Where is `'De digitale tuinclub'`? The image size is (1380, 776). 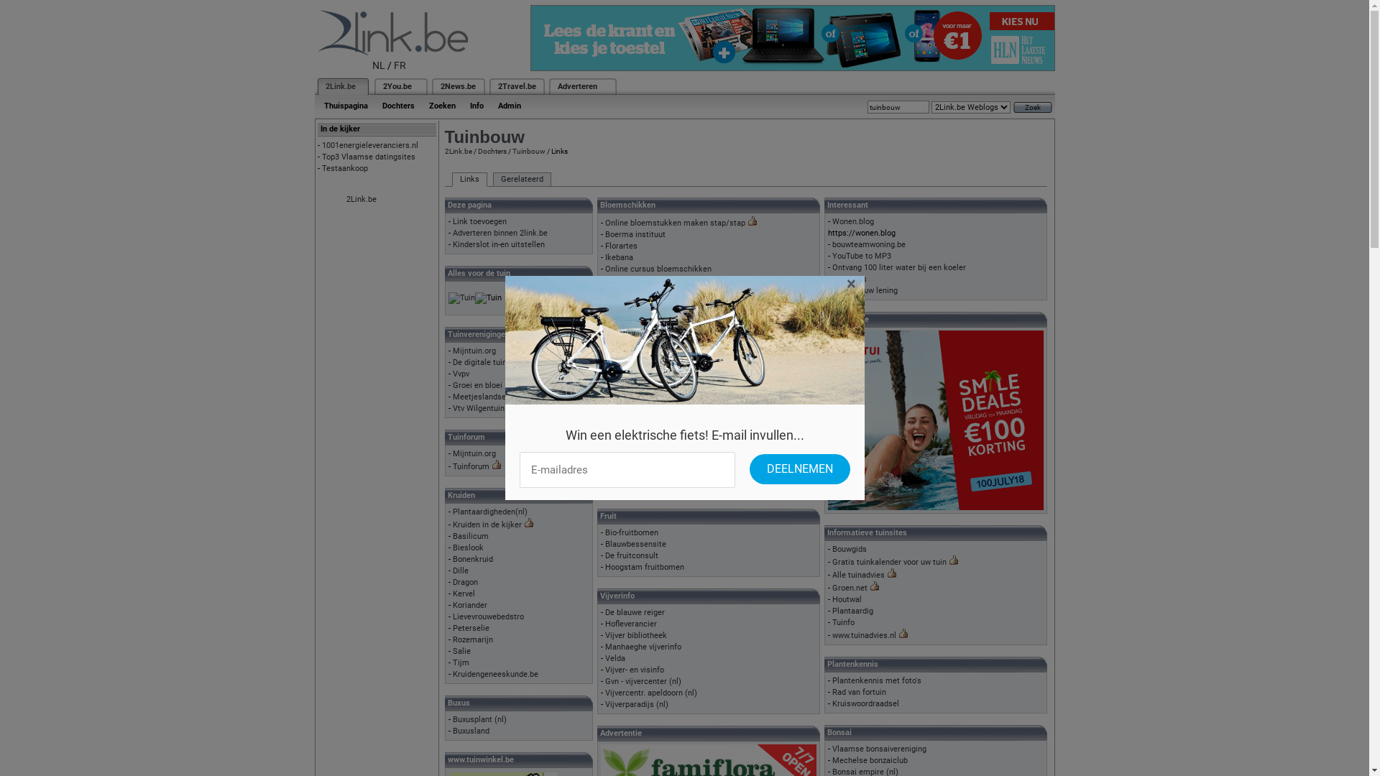 'De digitale tuinclub' is located at coordinates (487, 361).